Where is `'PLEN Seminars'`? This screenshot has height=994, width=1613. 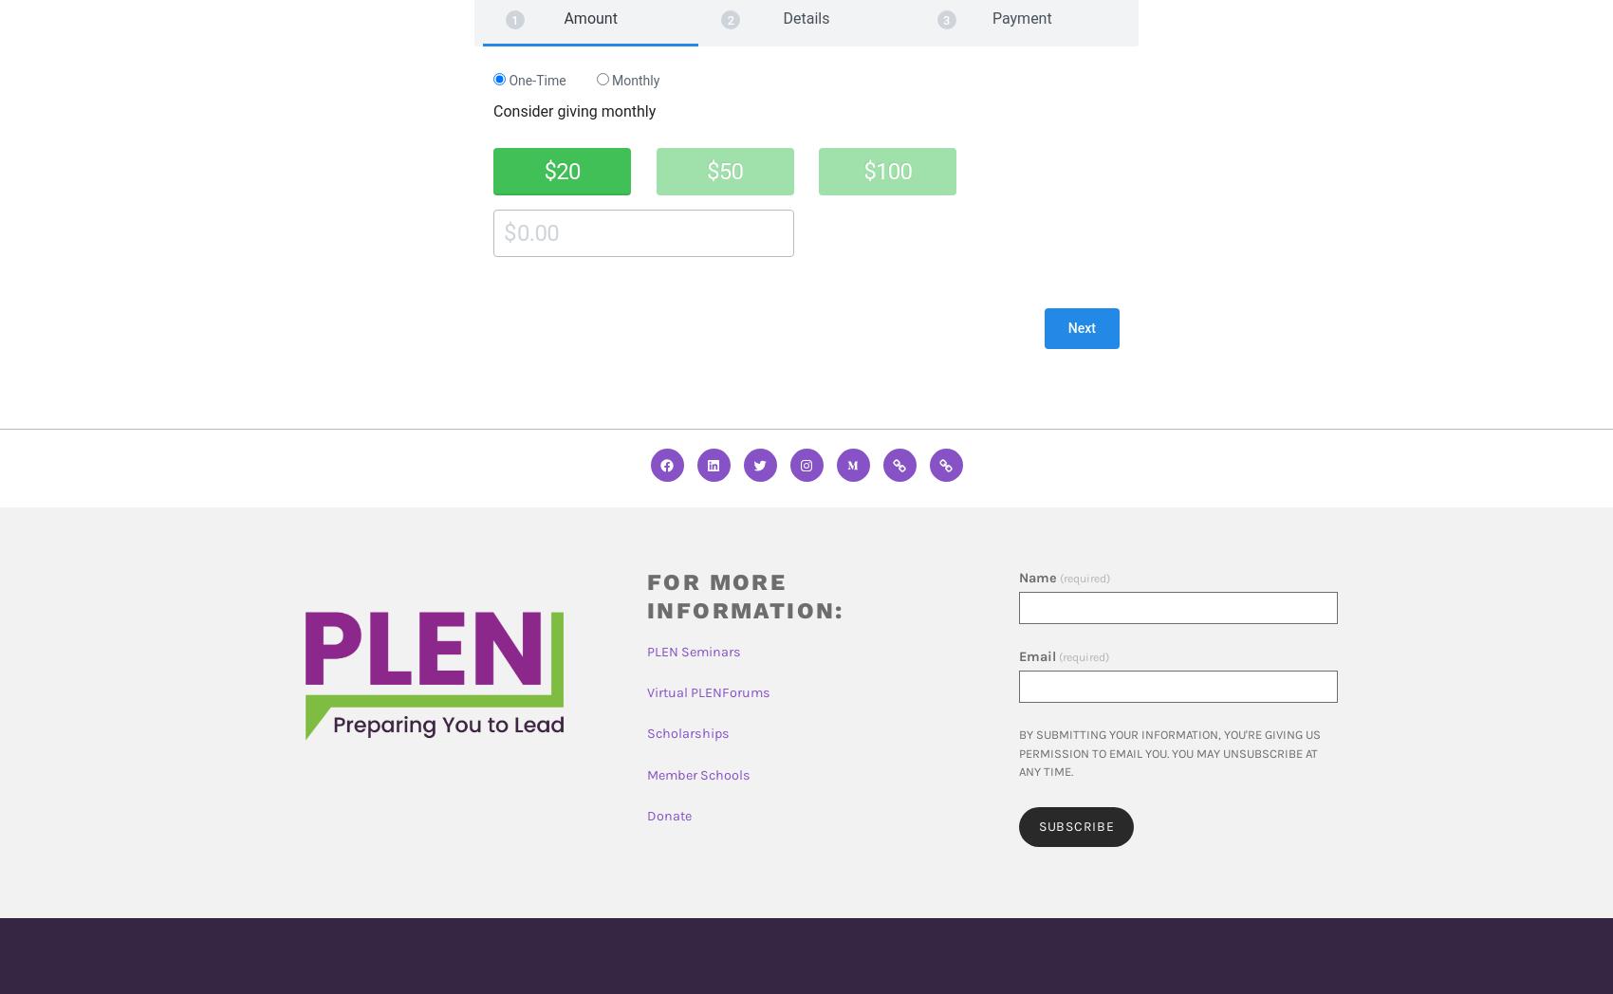 'PLEN Seminars' is located at coordinates (694, 652).